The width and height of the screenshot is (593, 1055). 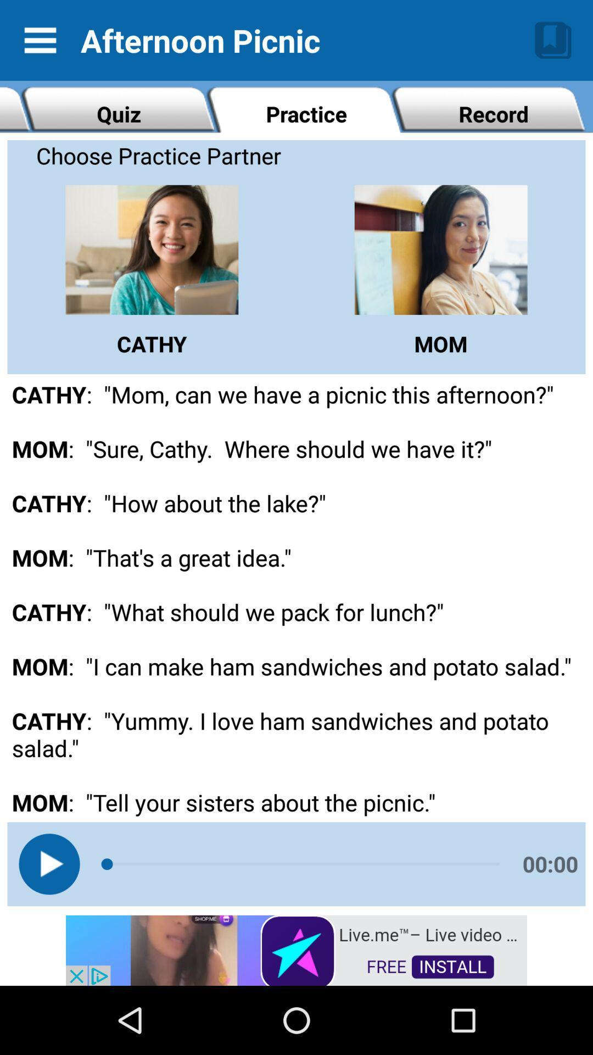 I want to click on listen to the audio, so click(x=48, y=863).